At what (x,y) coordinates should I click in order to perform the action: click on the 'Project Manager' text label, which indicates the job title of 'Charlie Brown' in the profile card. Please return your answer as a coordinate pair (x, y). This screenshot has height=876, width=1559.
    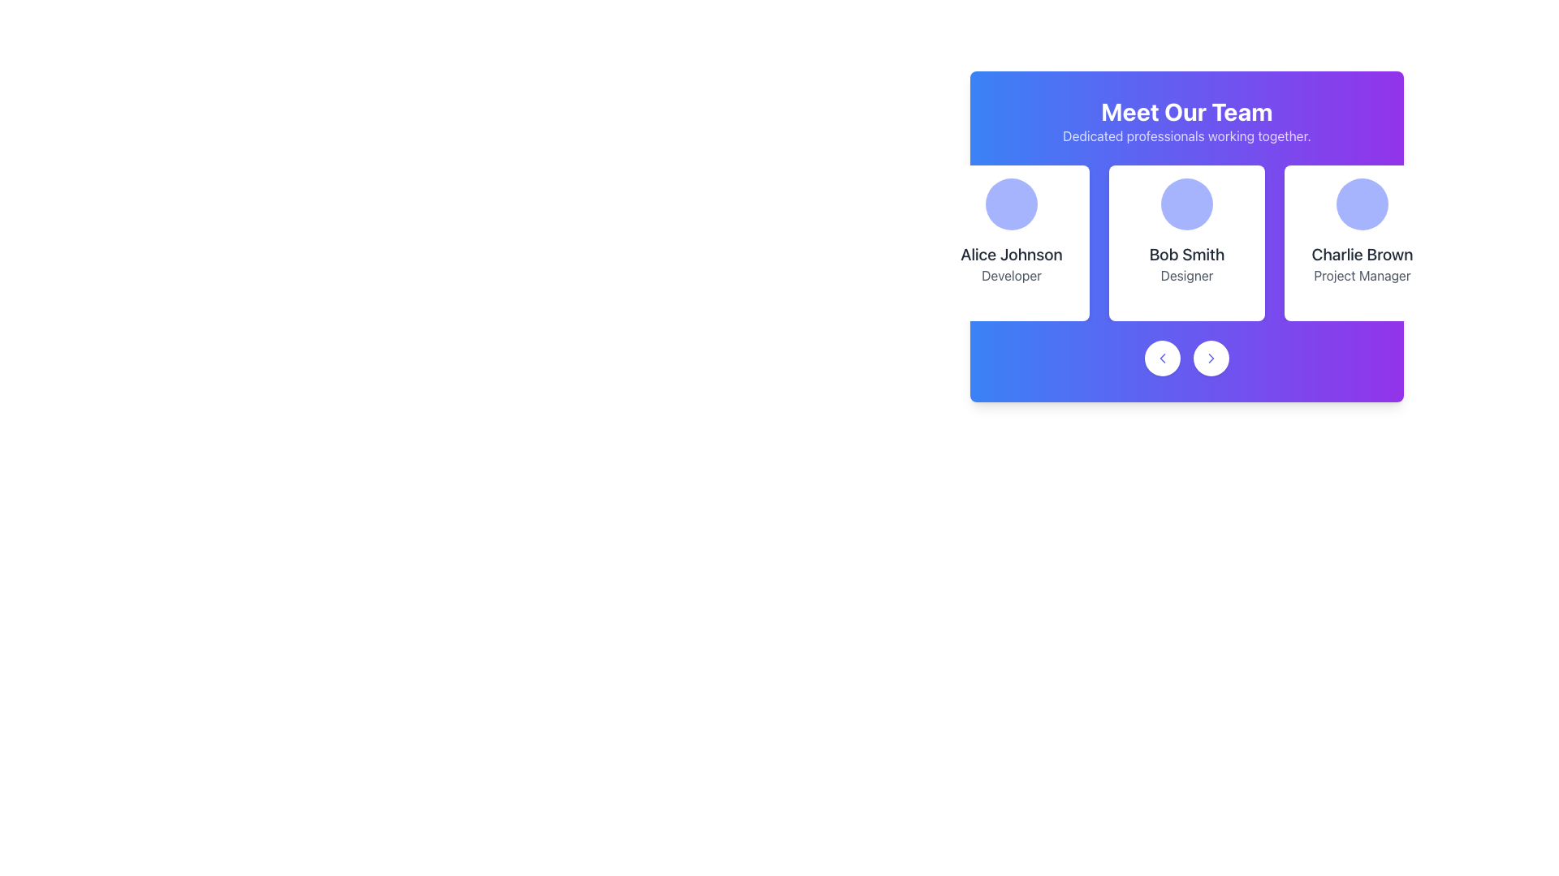
    Looking at the image, I should click on (1363, 274).